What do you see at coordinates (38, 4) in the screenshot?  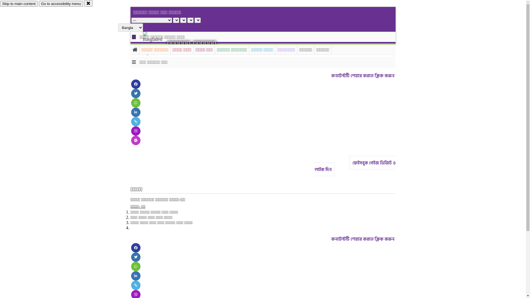 I see `'Go to accessibility menu'` at bounding box center [38, 4].